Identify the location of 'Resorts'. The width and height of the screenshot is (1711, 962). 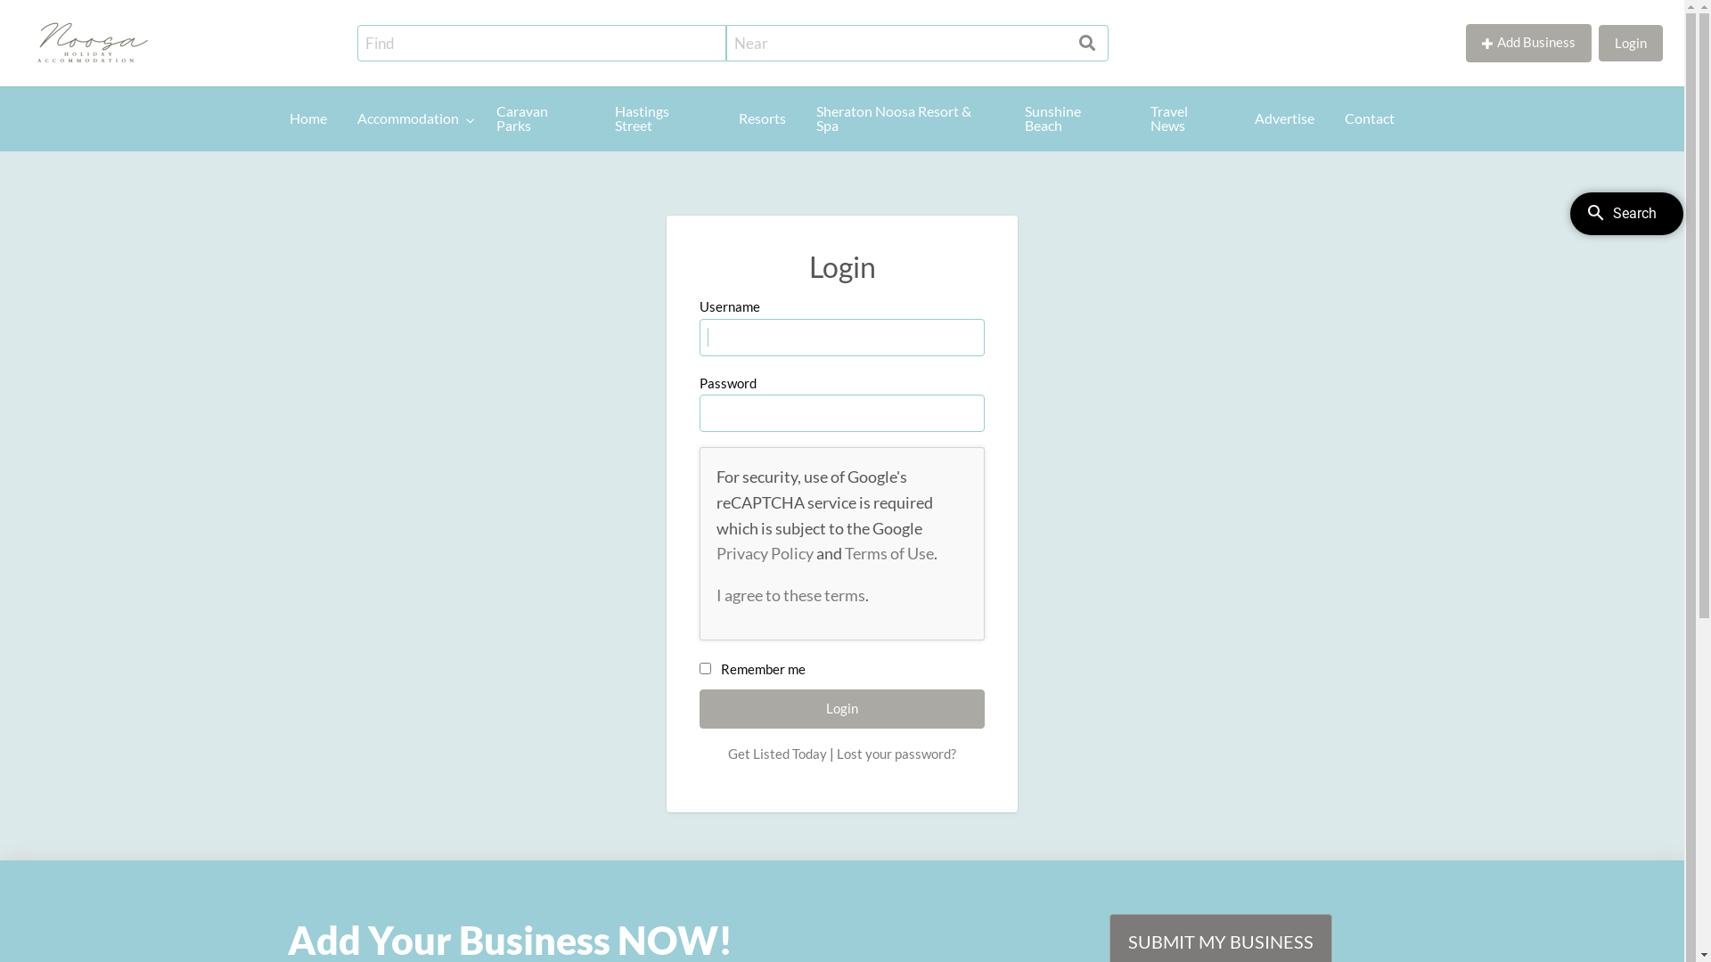
(762, 118).